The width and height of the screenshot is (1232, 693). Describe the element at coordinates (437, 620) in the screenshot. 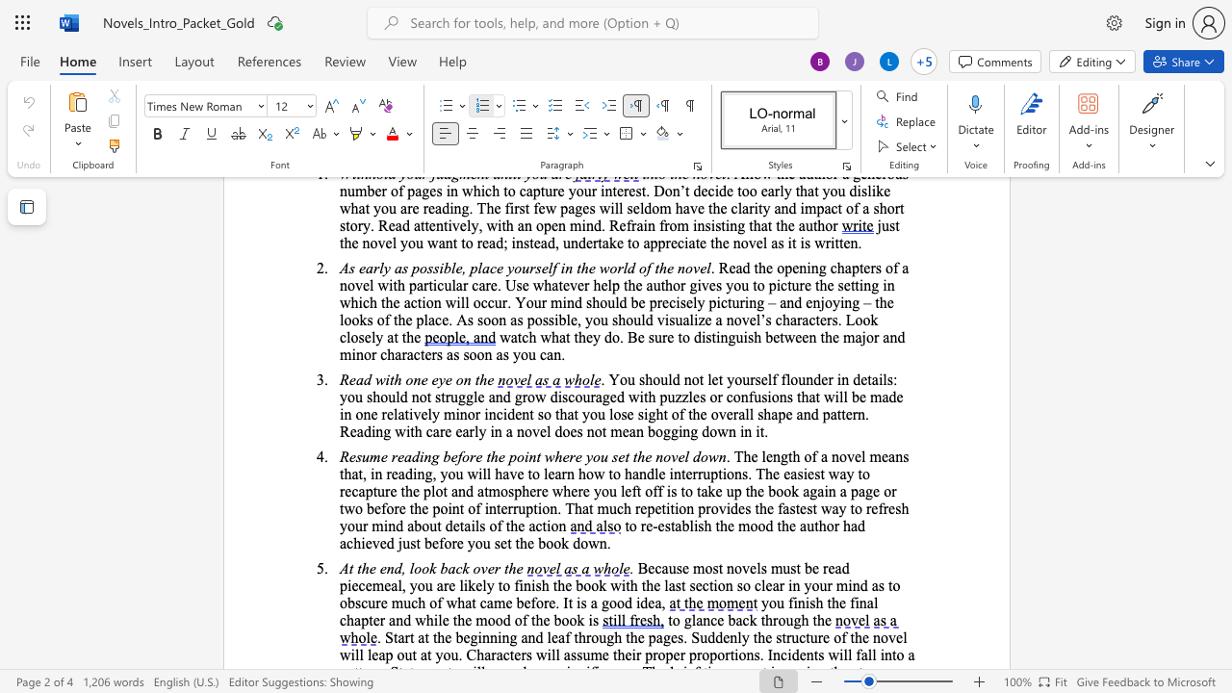

I see `the space between the continuous character "i" and "l" in the text` at that location.